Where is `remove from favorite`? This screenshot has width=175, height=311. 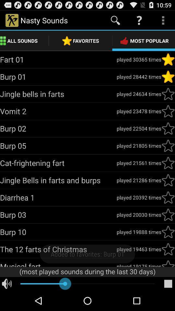
remove from favorite is located at coordinates (168, 77).